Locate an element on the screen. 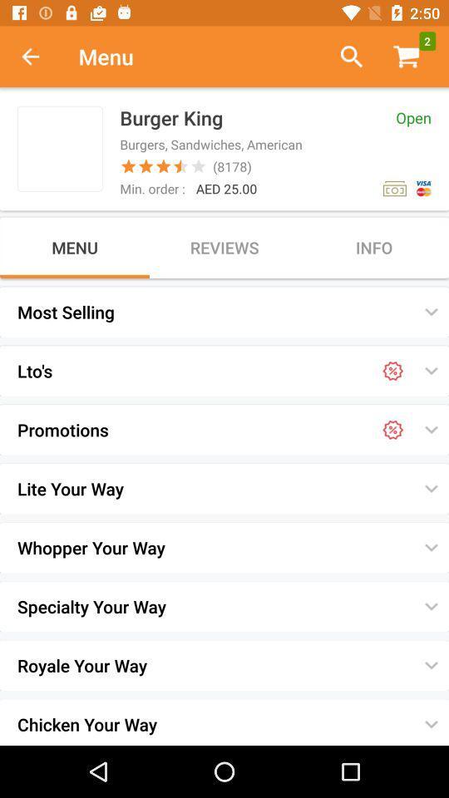 The height and width of the screenshot is (798, 449). search is located at coordinates (344, 57).